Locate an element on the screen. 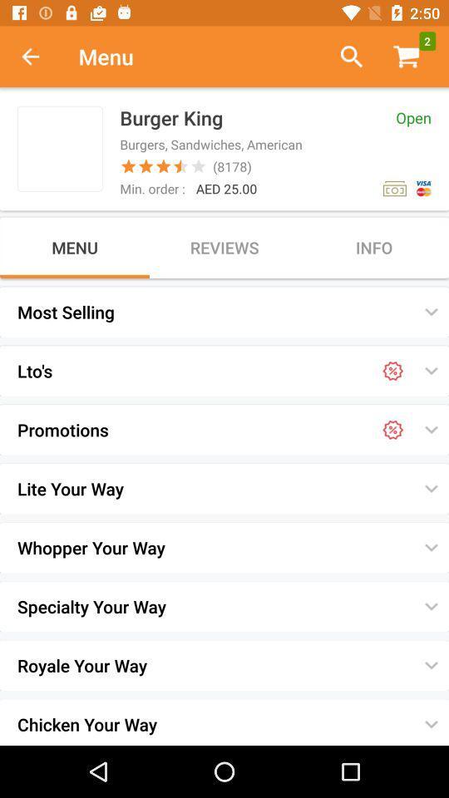 The height and width of the screenshot is (798, 449). search is located at coordinates (344, 57).